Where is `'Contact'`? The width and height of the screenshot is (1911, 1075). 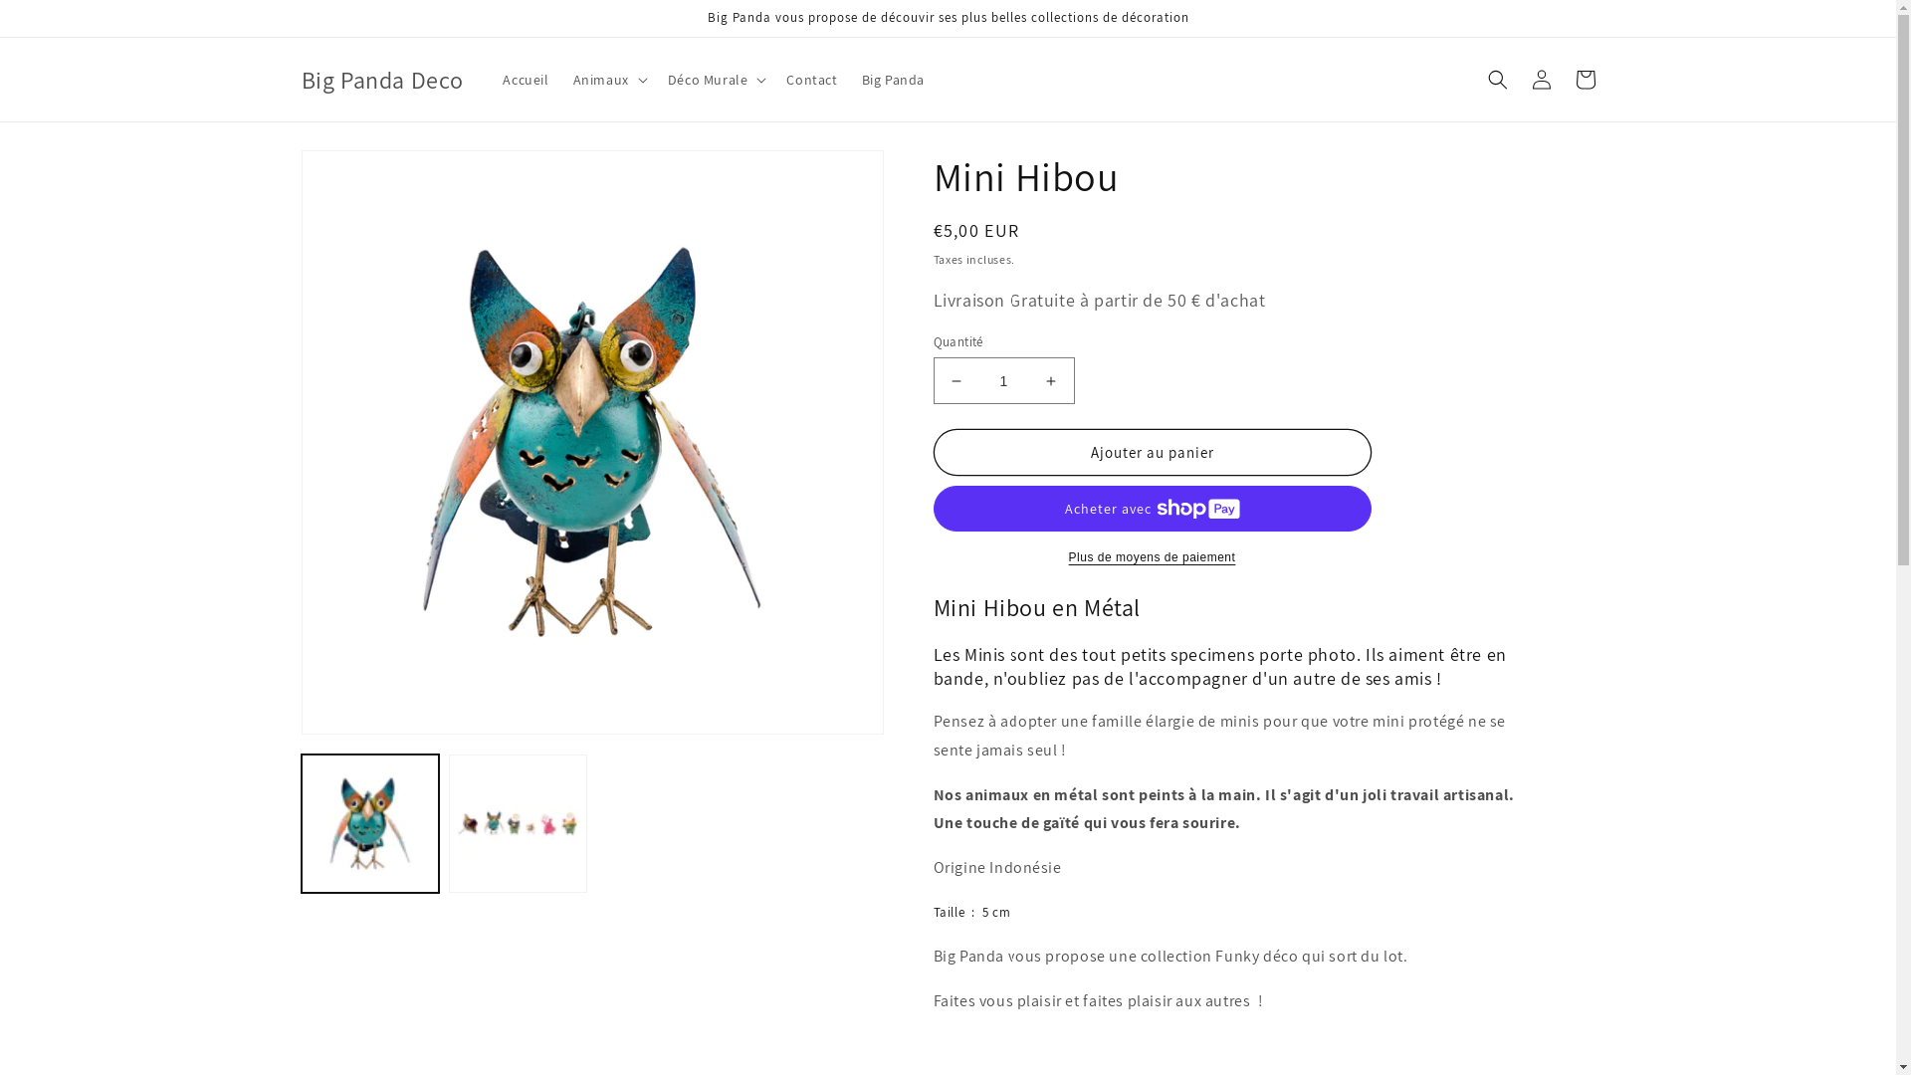 'Contact' is located at coordinates (811, 79).